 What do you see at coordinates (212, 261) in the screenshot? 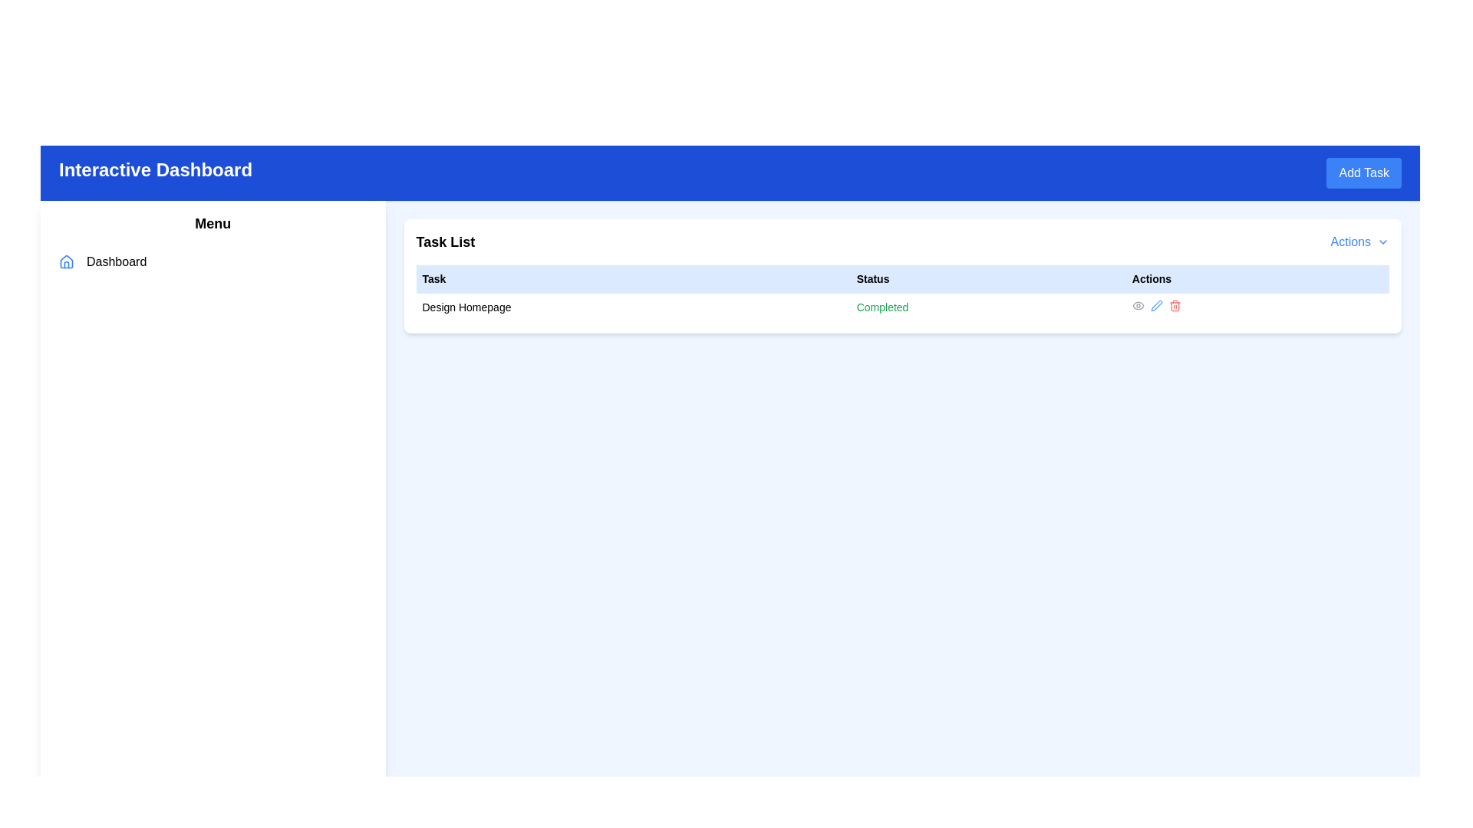
I see `the 'Dashboard' menu option, which is the second item in the vertical menu on the left` at bounding box center [212, 261].